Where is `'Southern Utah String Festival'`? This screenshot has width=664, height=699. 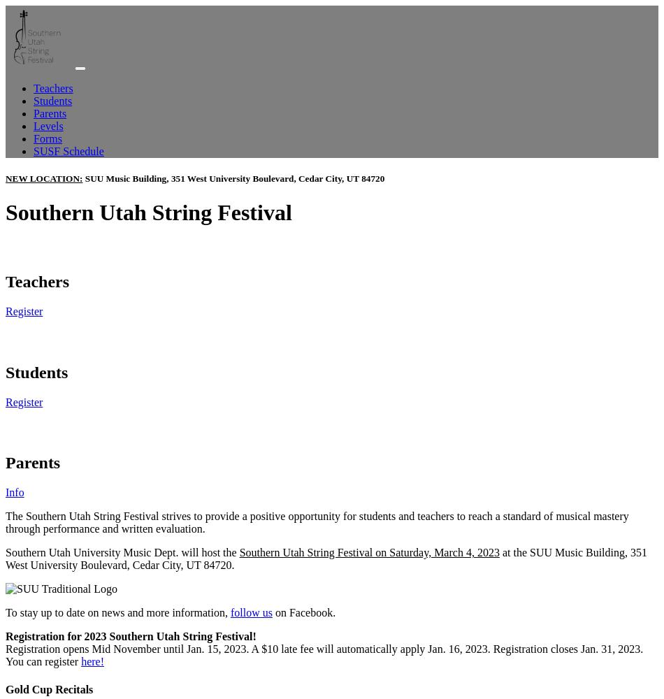
'Southern Utah String Festival' is located at coordinates (148, 212).